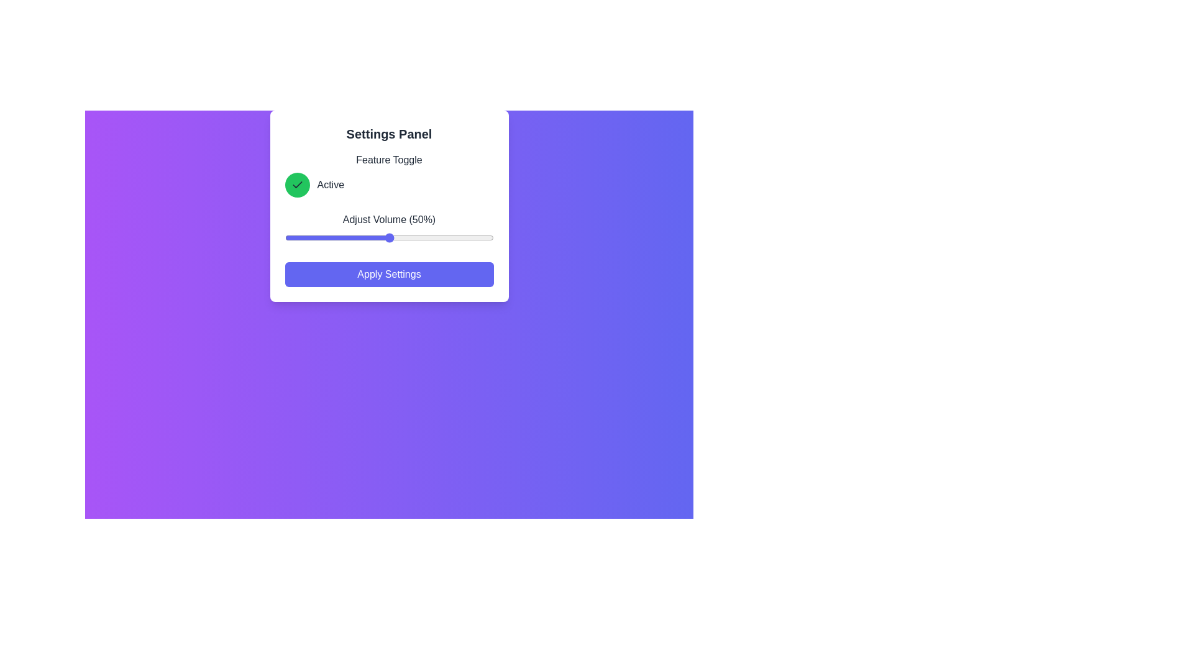 The width and height of the screenshot is (1193, 671). Describe the element at coordinates (439, 237) in the screenshot. I see `the volume` at that location.